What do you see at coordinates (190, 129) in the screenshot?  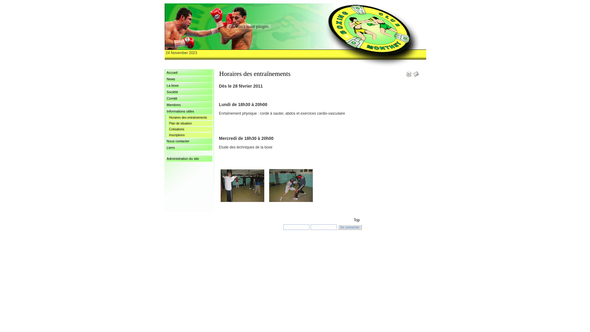 I see `'Cotisations'` at bounding box center [190, 129].